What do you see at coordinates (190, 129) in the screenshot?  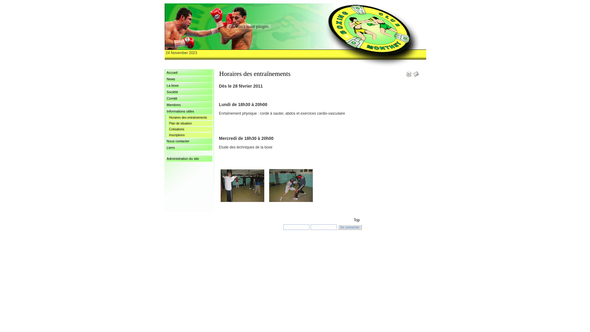 I see `'Cotisations'` at bounding box center [190, 129].